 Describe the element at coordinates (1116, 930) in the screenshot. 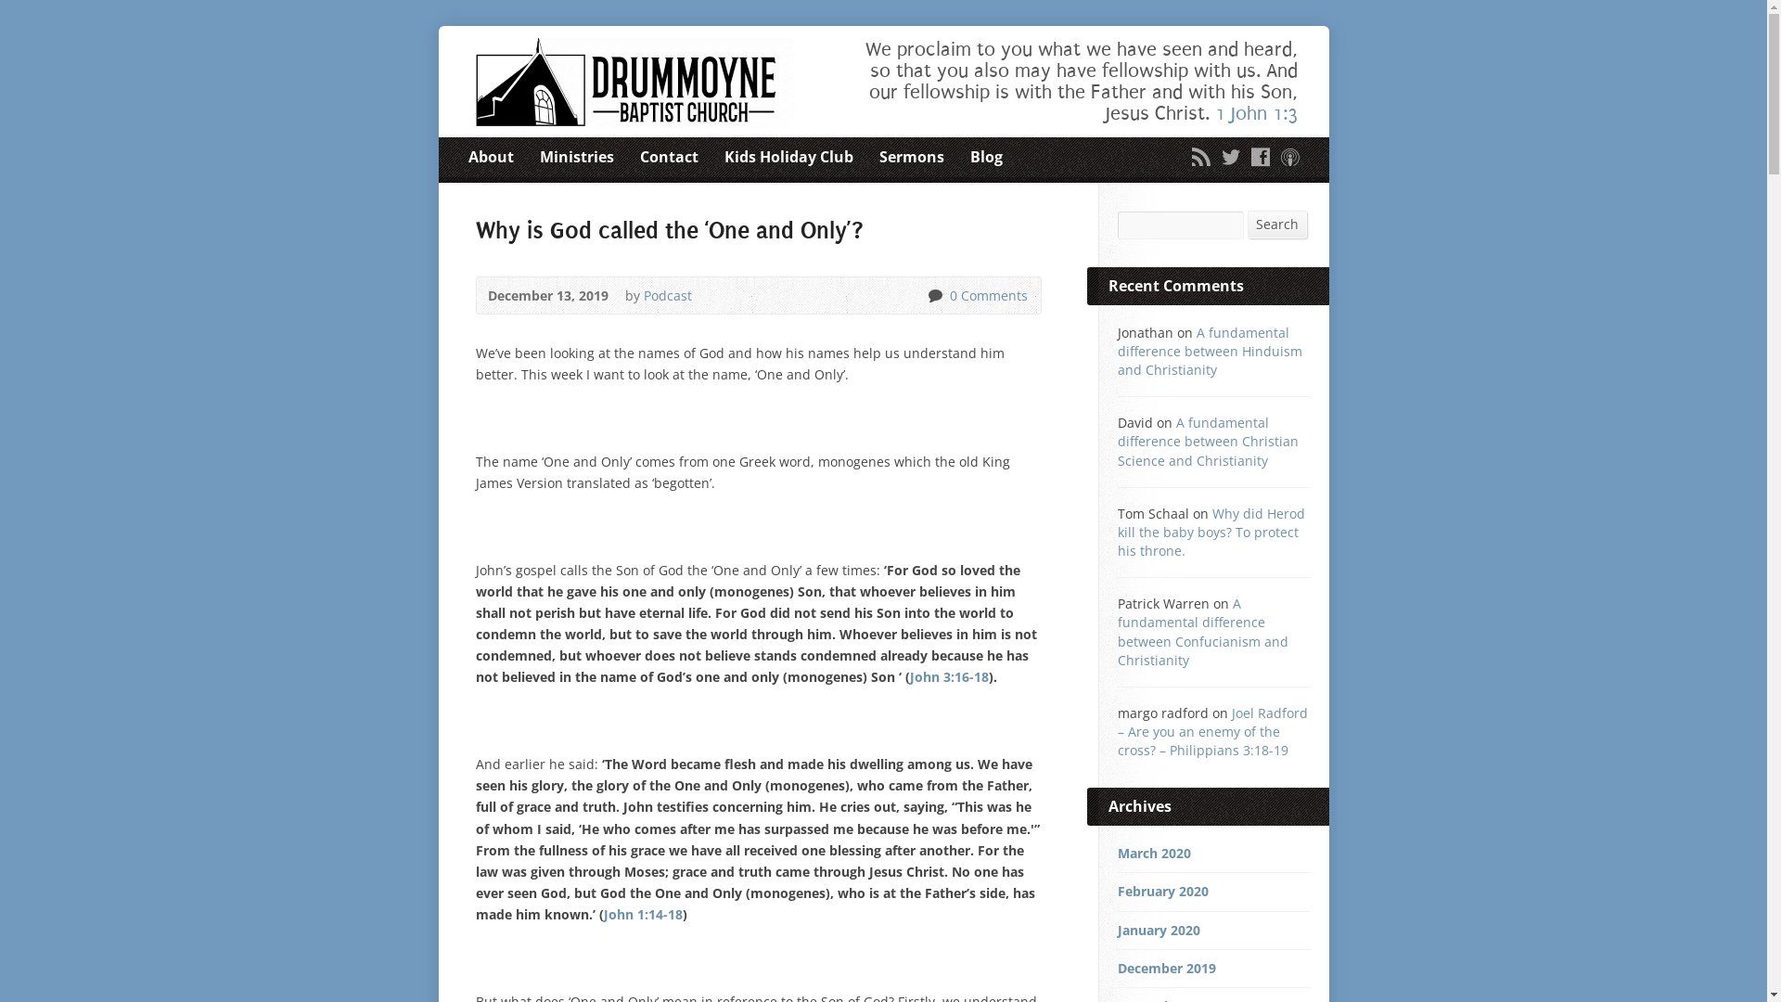

I see `'January 2020'` at that location.